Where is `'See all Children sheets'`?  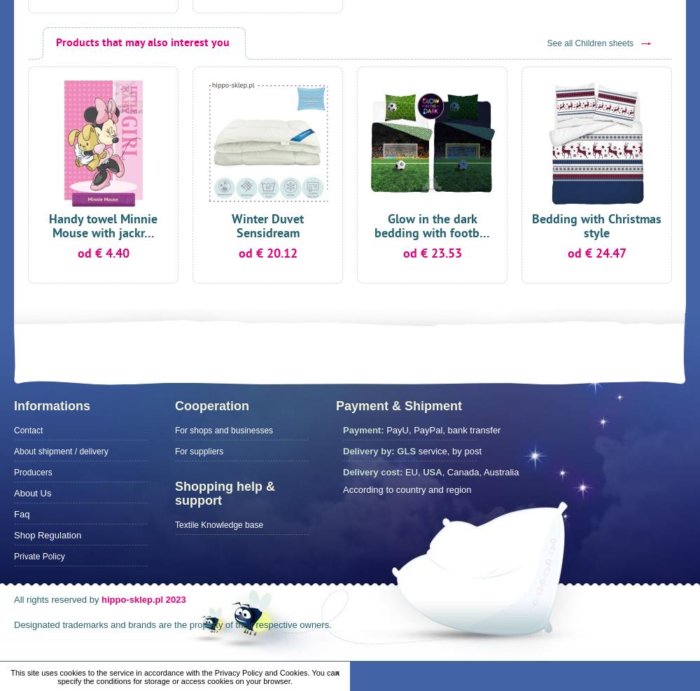
'See all Children sheets' is located at coordinates (589, 42).